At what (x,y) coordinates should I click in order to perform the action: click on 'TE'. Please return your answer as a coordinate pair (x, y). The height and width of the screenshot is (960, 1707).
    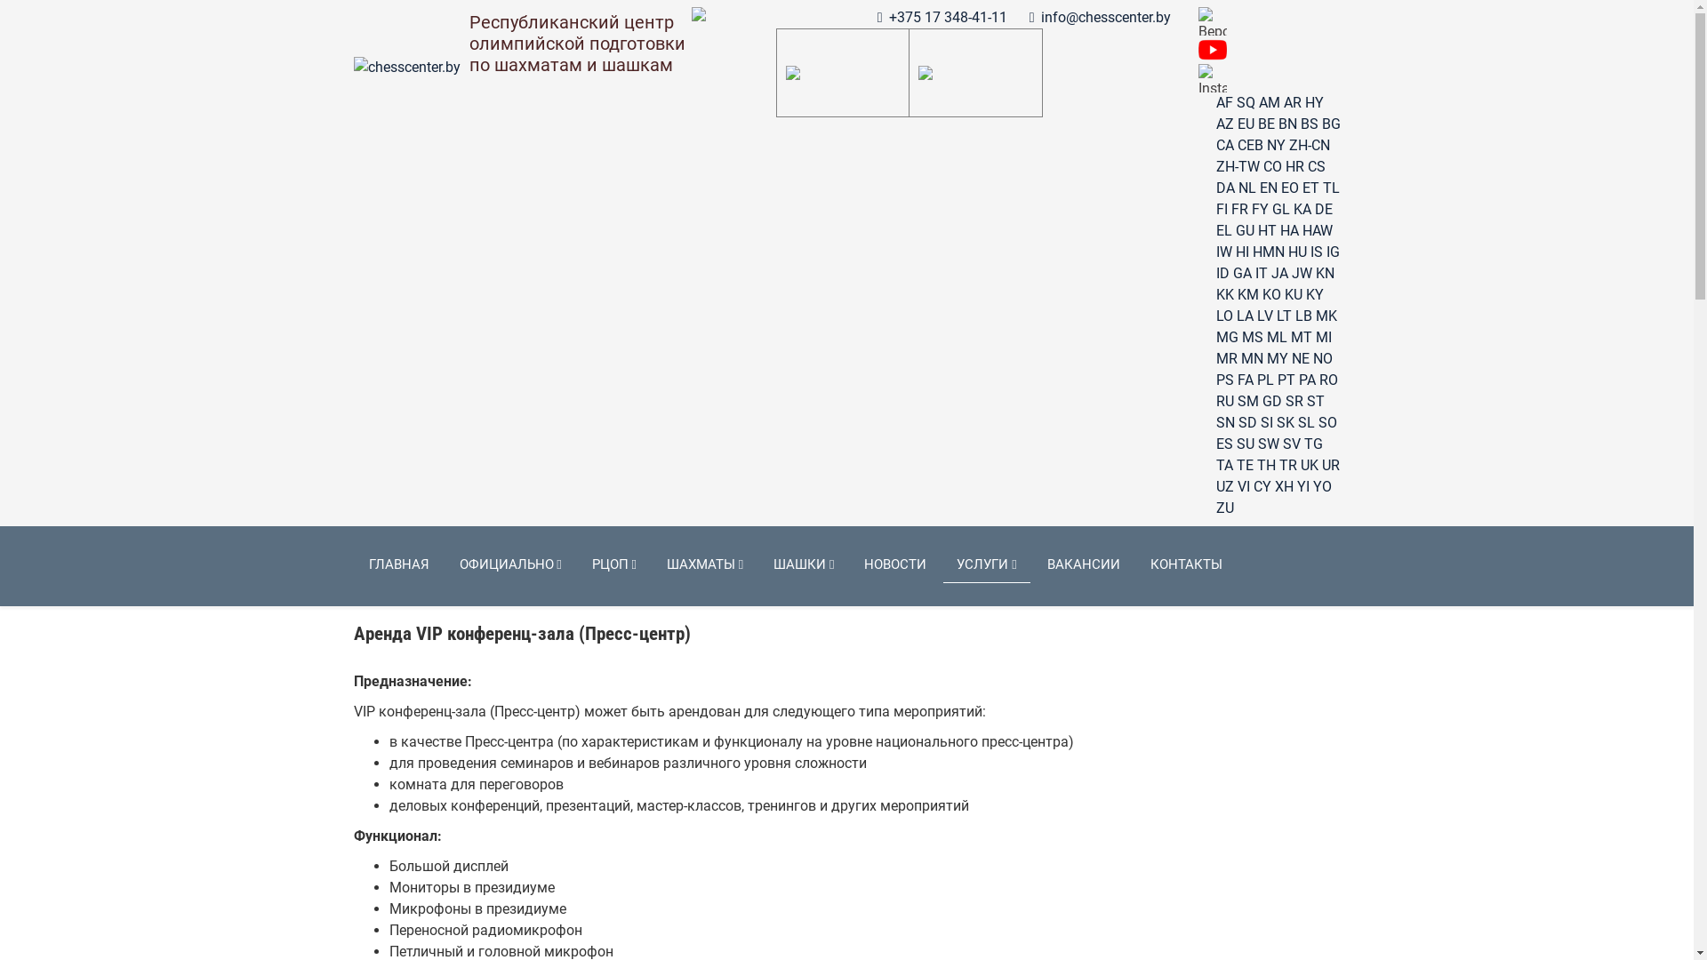
    Looking at the image, I should click on (1243, 464).